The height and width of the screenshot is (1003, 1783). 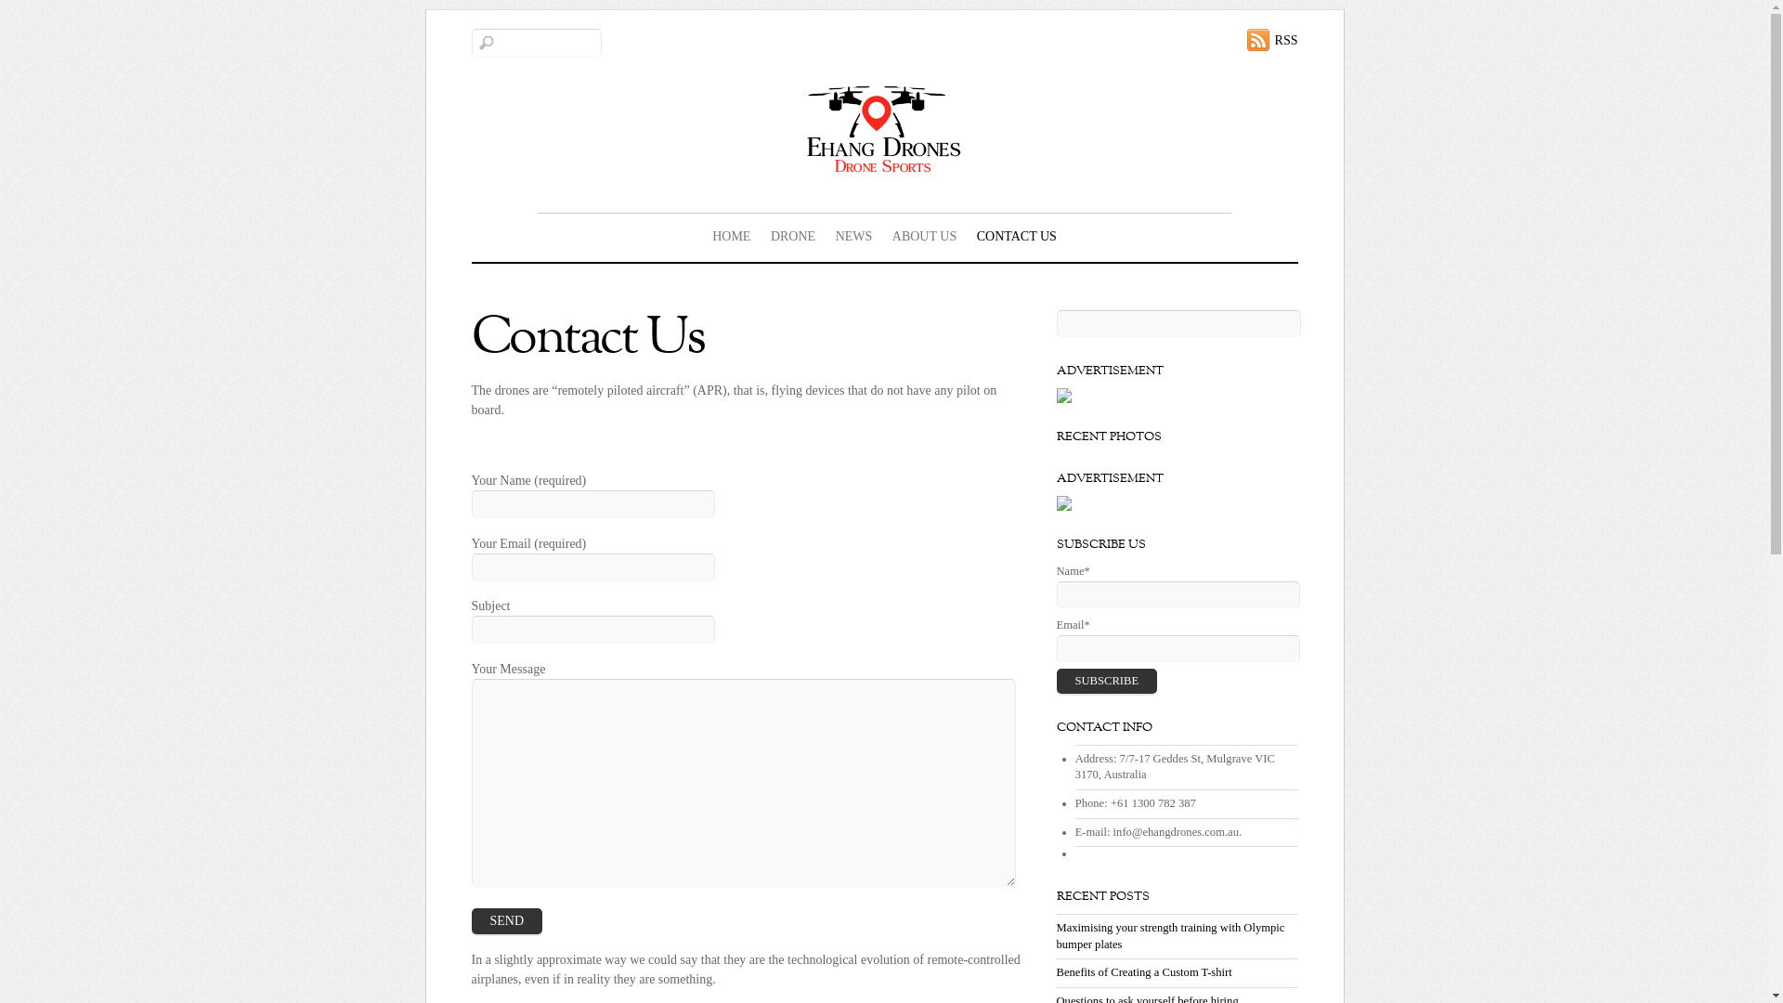 I want to click on 'Search', so click(x=535, y=42).